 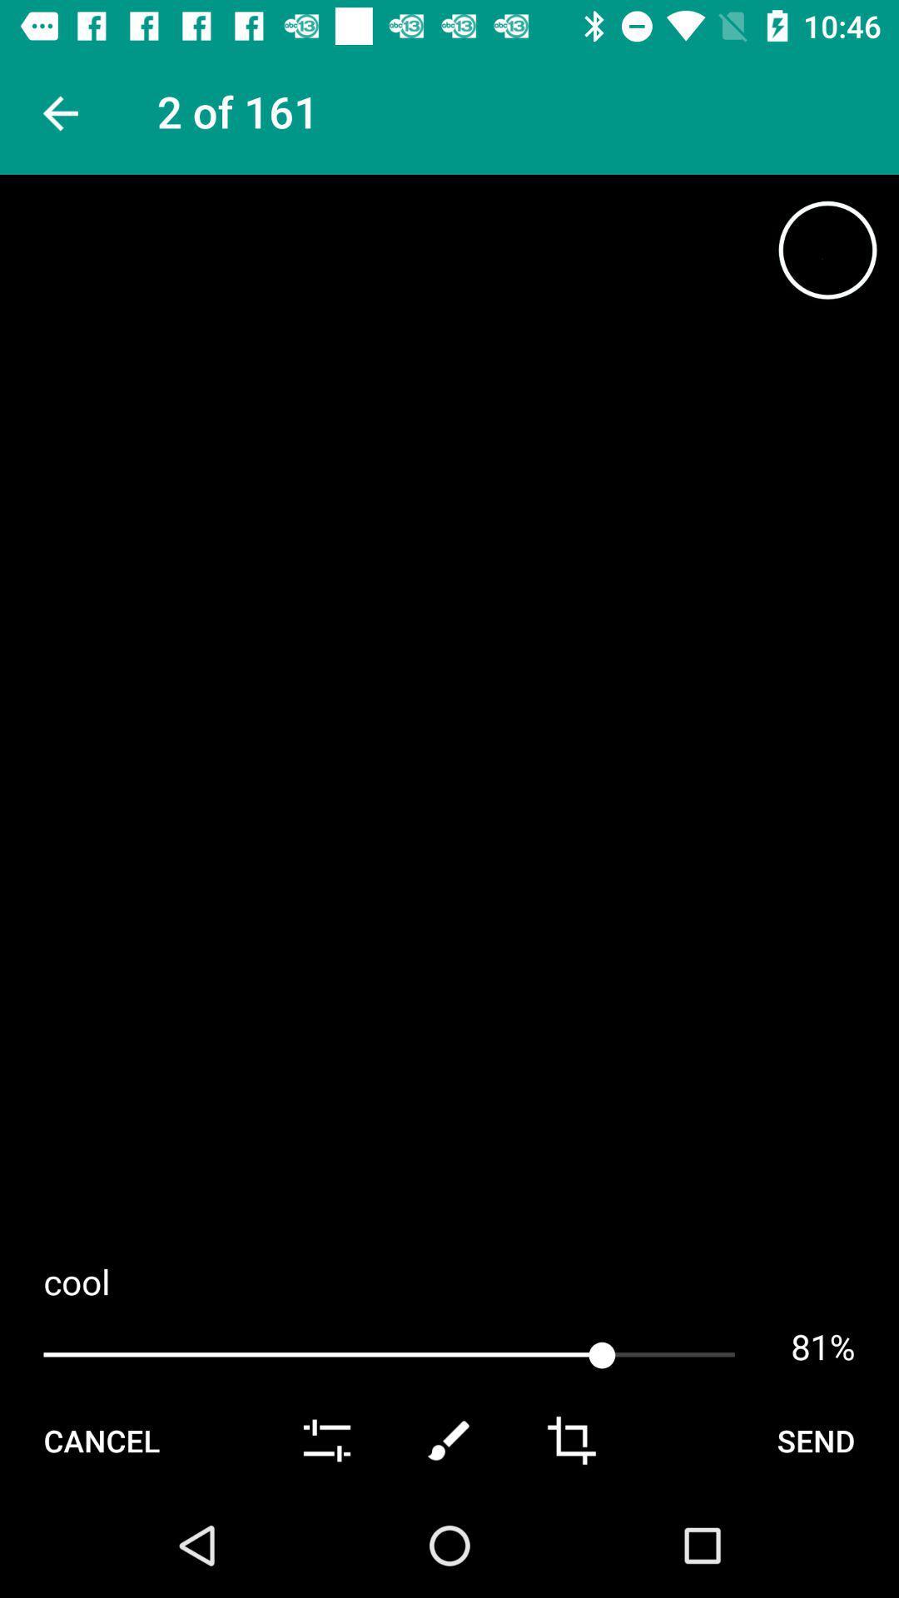 What do you see at coordinates (449, 1440) in the screenshot?
I see `photo re-touch` at bounding box center [449, 1440].